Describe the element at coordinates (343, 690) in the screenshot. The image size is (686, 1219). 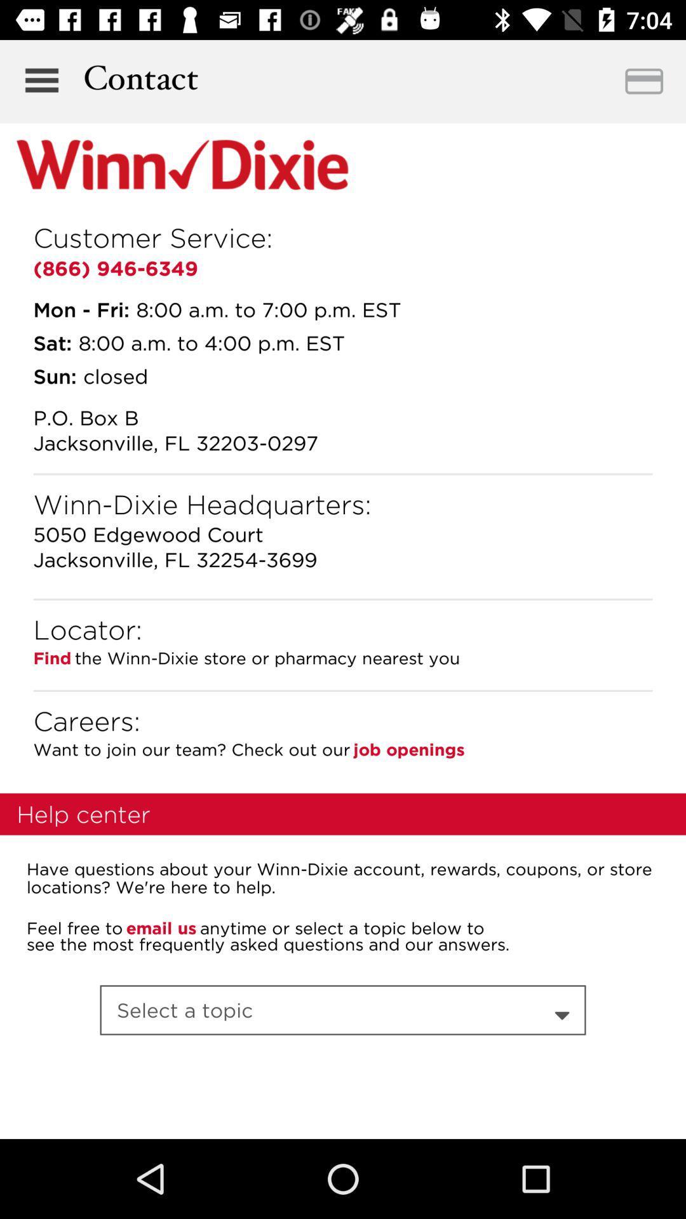
I see `icon above the careers: icon` at that location.